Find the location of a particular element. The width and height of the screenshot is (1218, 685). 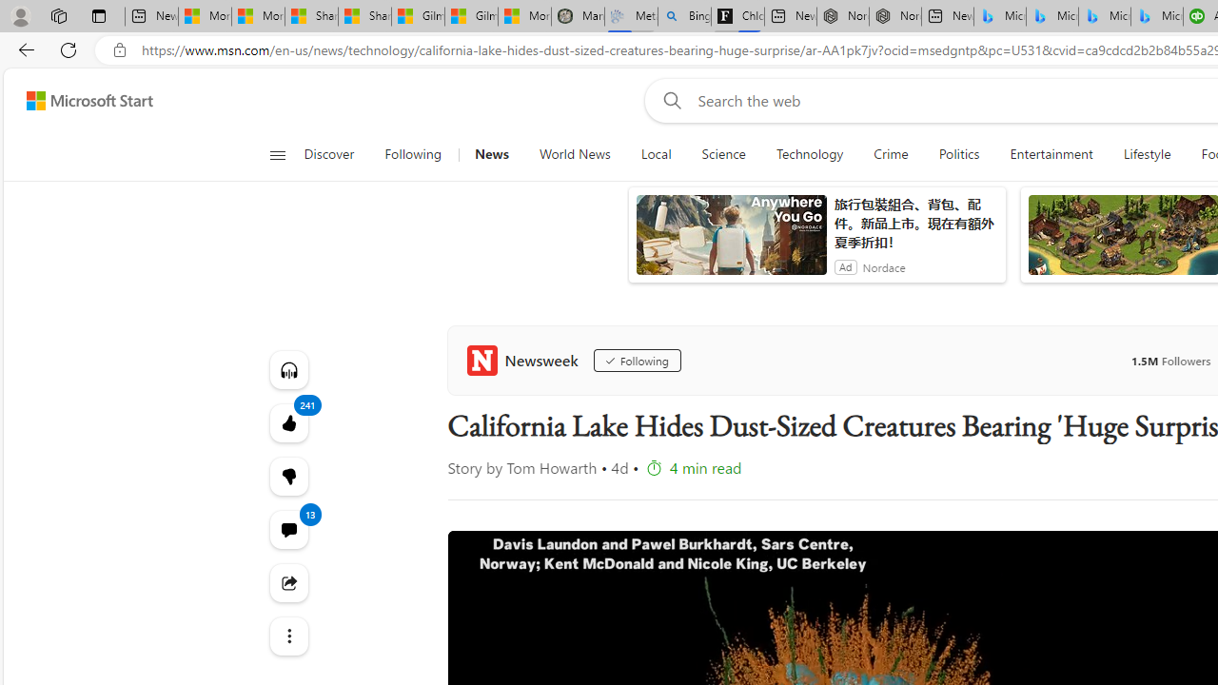

'Microsoft Bing Travel - Shangri-La Hotel Bangkok' is located at coordinates (1156, 16).